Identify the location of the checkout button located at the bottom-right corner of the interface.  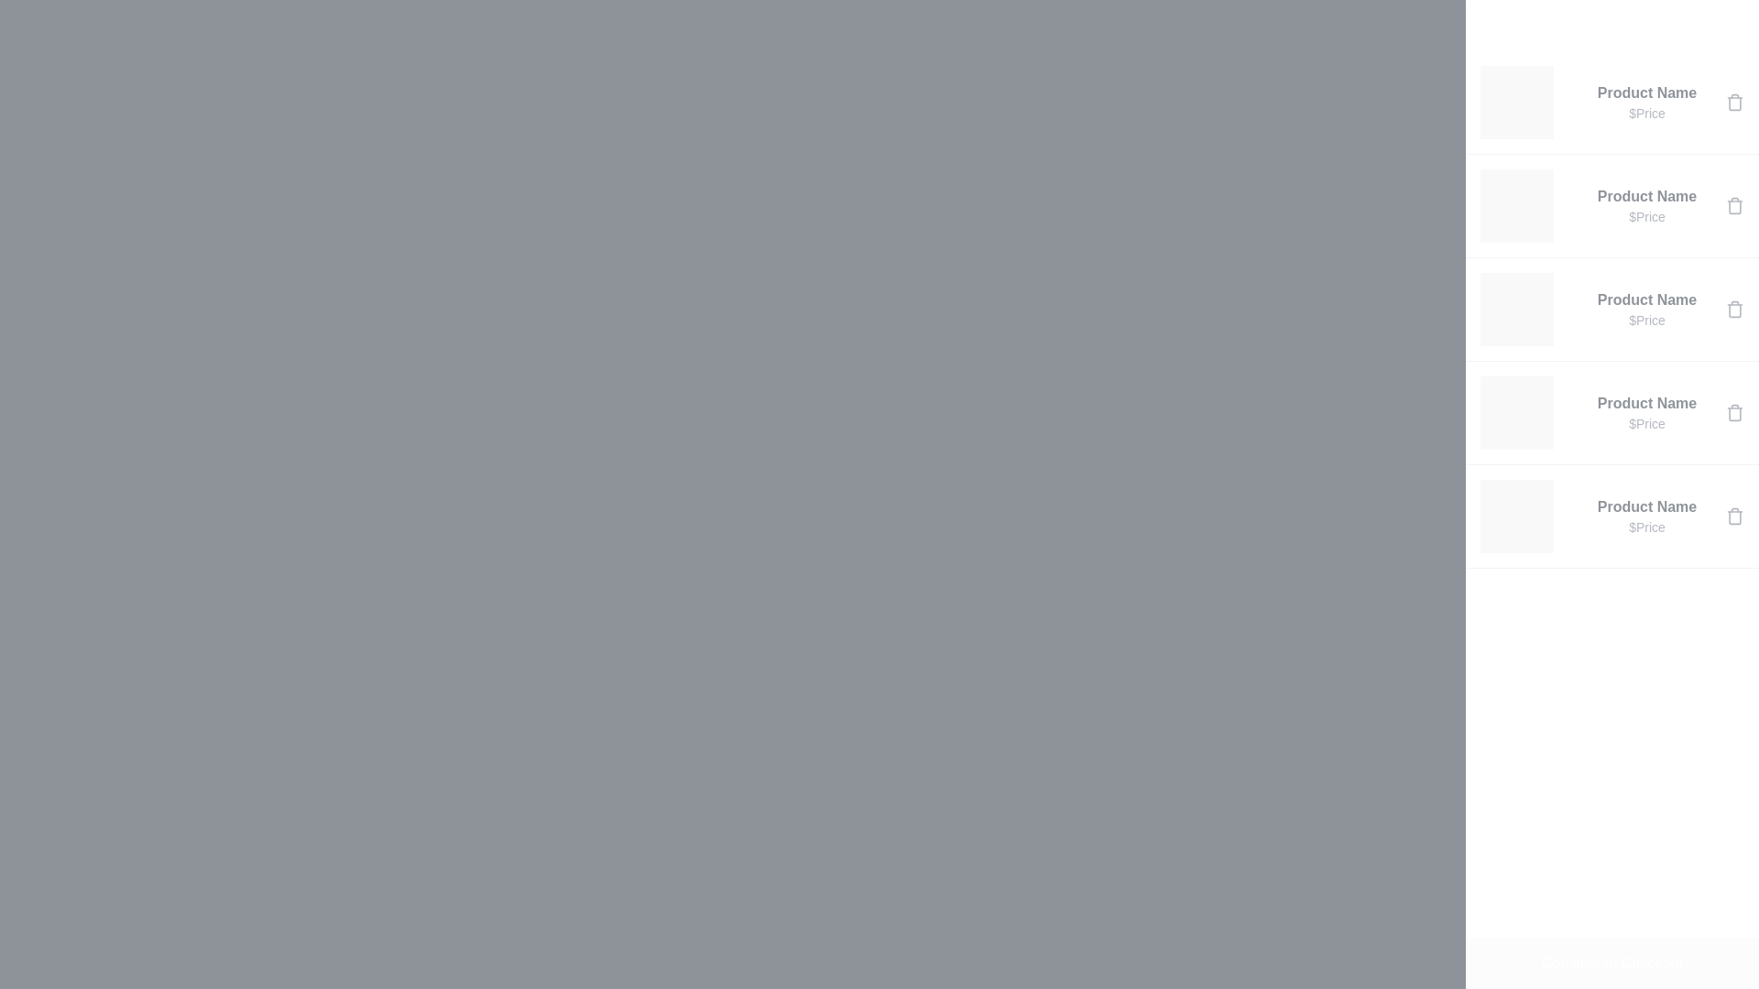
(1612, 962).